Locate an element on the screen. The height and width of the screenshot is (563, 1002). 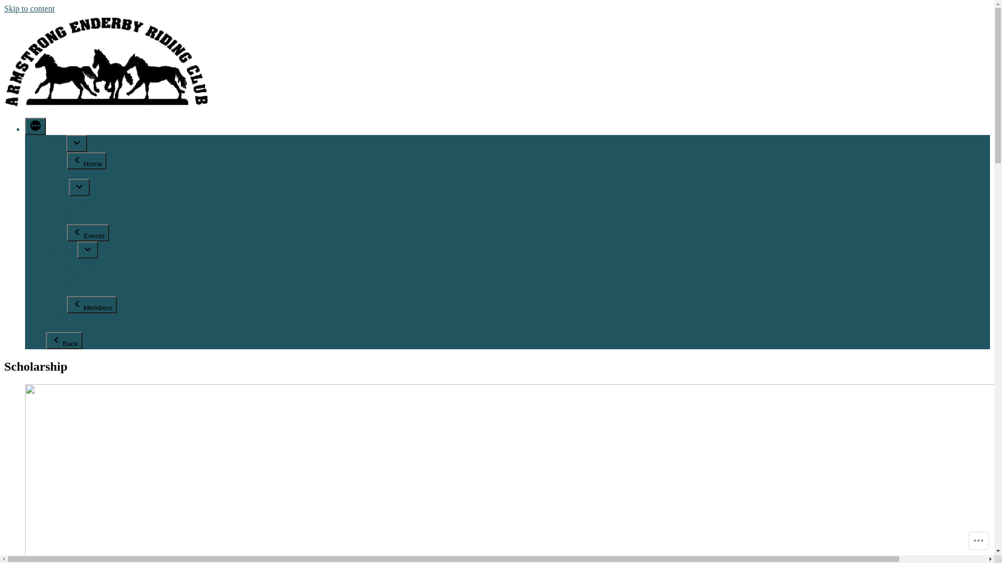
'Back' is located at coordinates (64, 340).